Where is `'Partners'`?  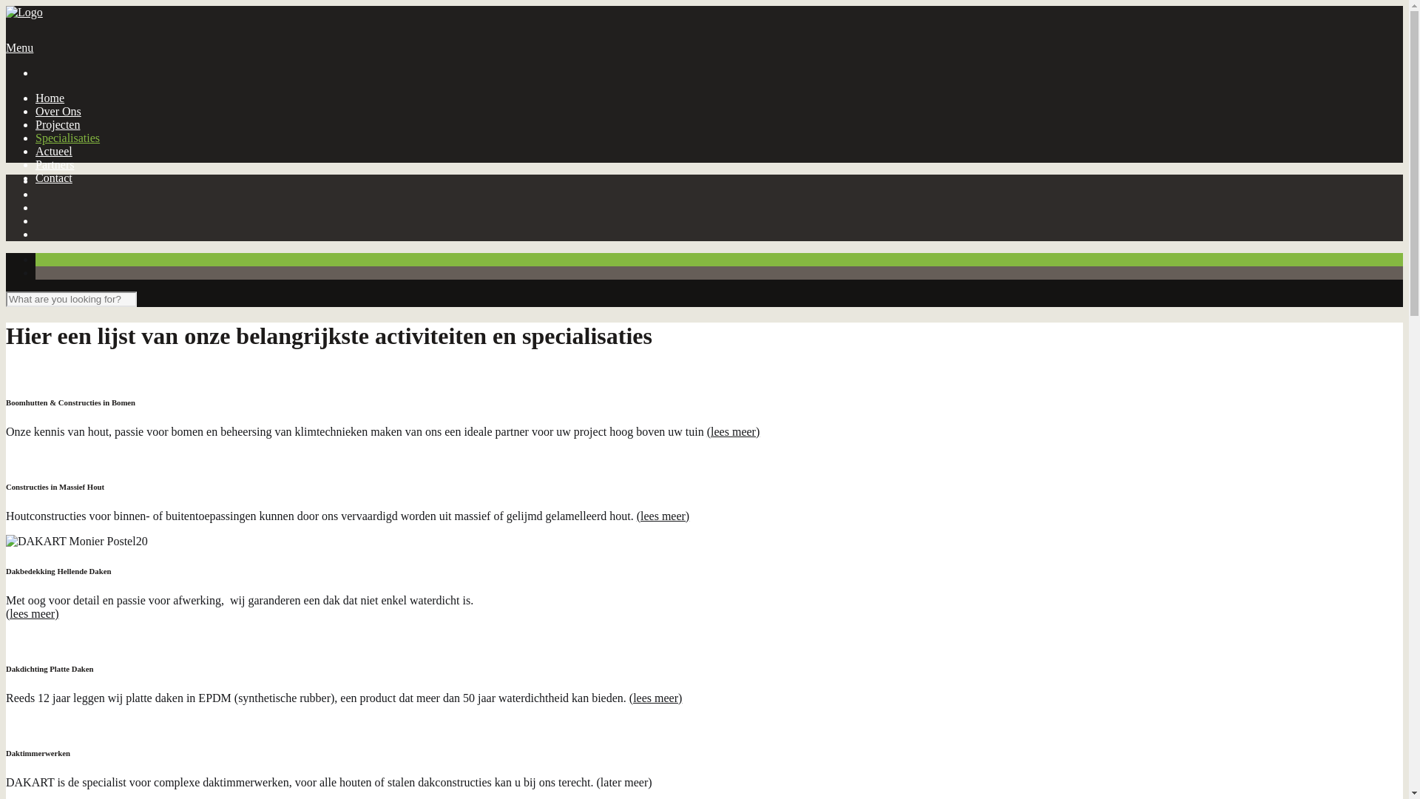 'Partners' is located at coordinates (54, 164).